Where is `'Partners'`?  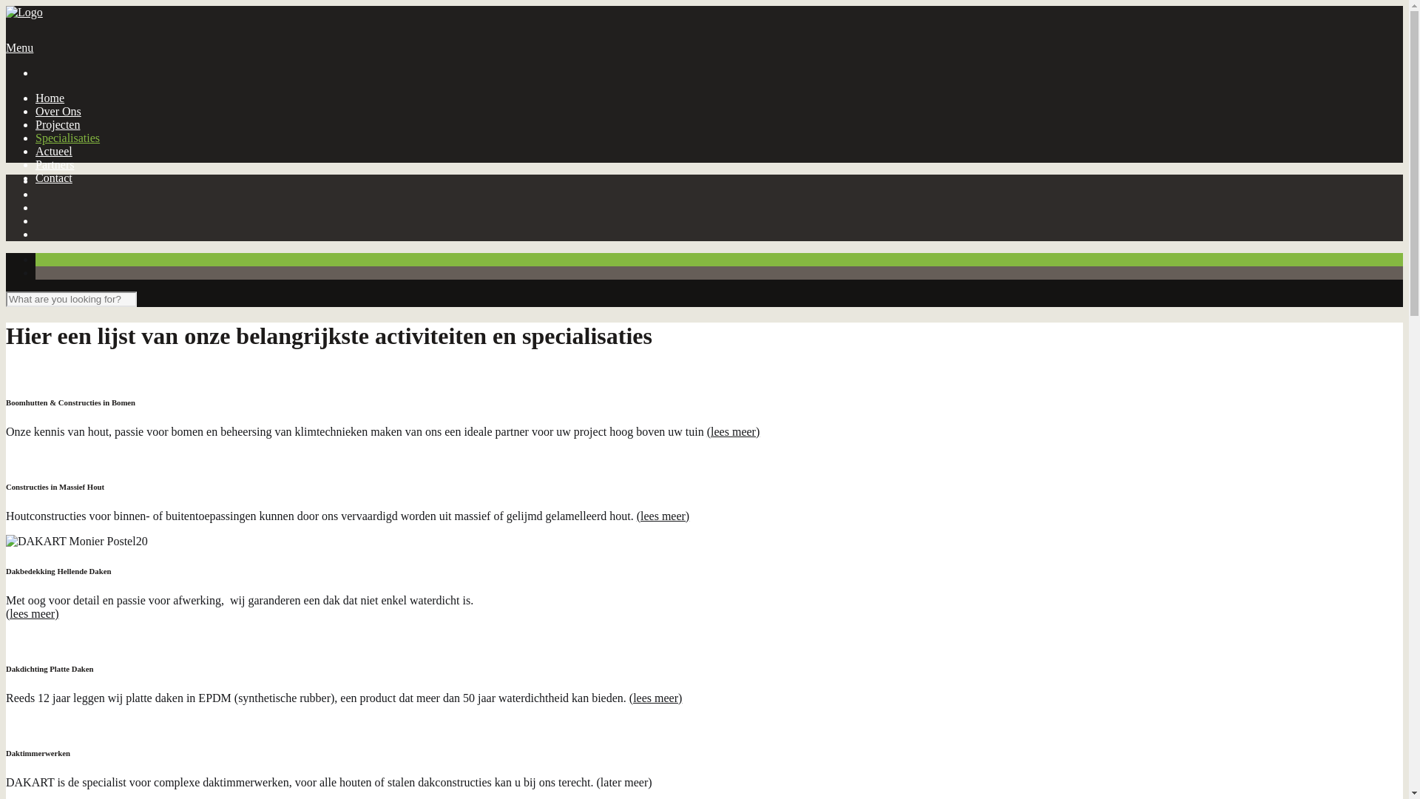 'Partners' is located at coordinates (54, 164).